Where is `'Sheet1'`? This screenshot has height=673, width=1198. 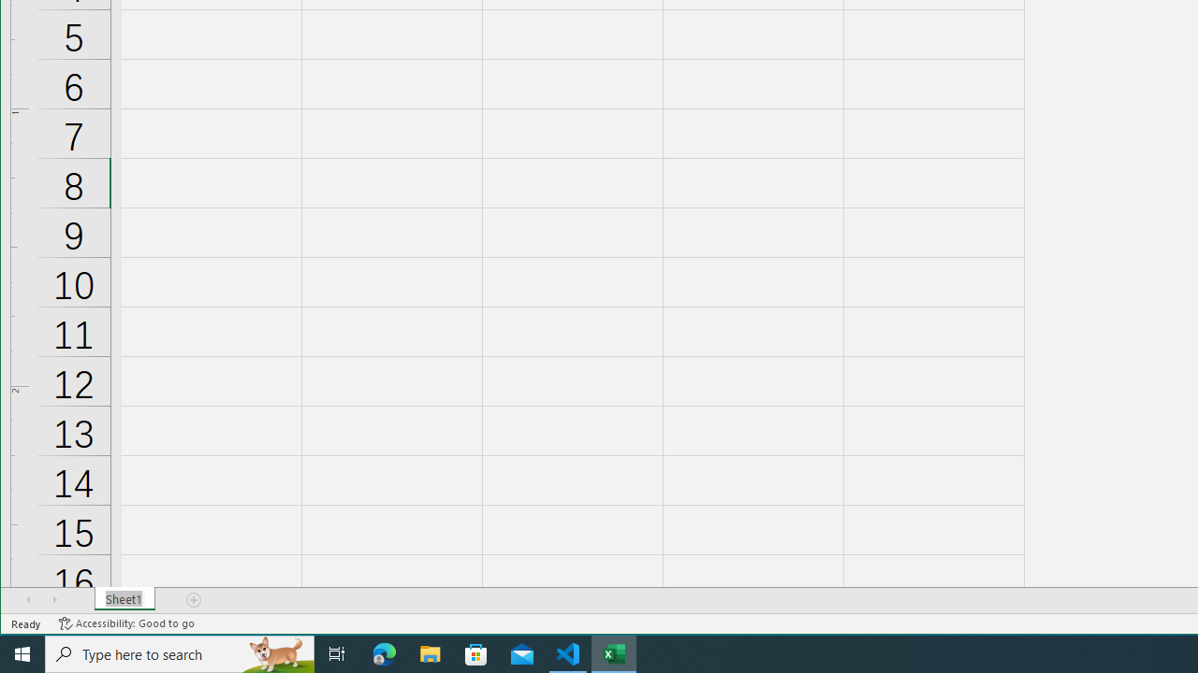
'Sheet1' is located at coordinates (124, 599).